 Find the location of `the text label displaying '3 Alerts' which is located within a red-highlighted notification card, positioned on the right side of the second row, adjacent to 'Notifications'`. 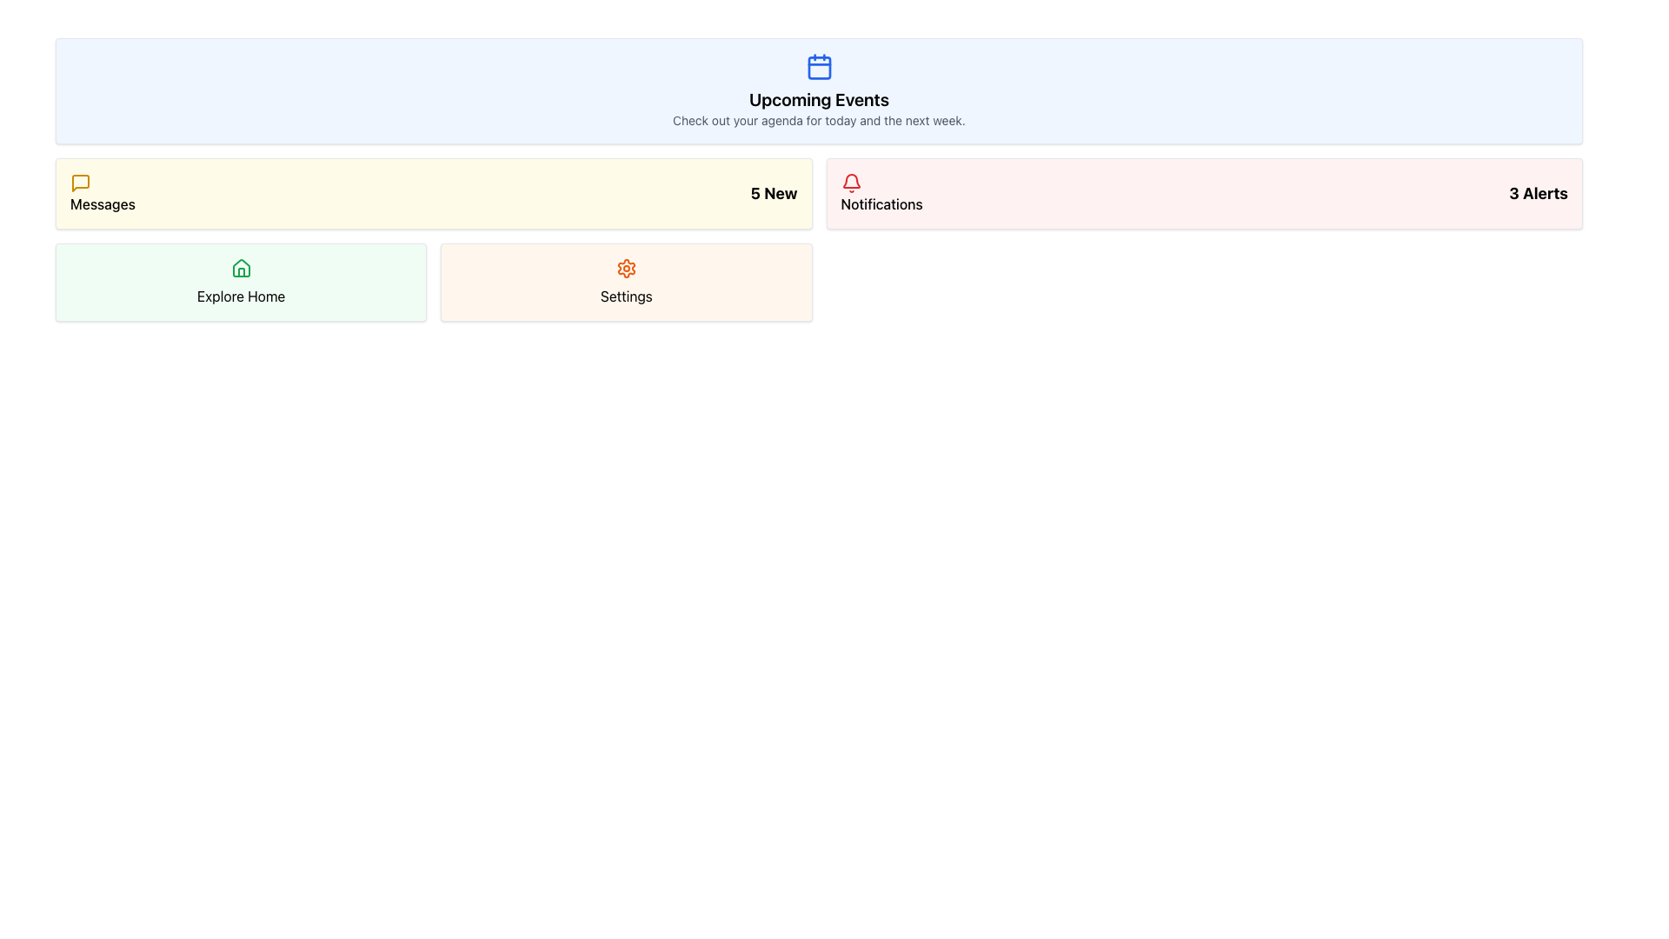

the text label displaying '3 Alerts' which is located within a red-highlighted notification card, positioned on the right side of the second row, adjacent to 'Notifications' is located at coordinates (1539, 194).